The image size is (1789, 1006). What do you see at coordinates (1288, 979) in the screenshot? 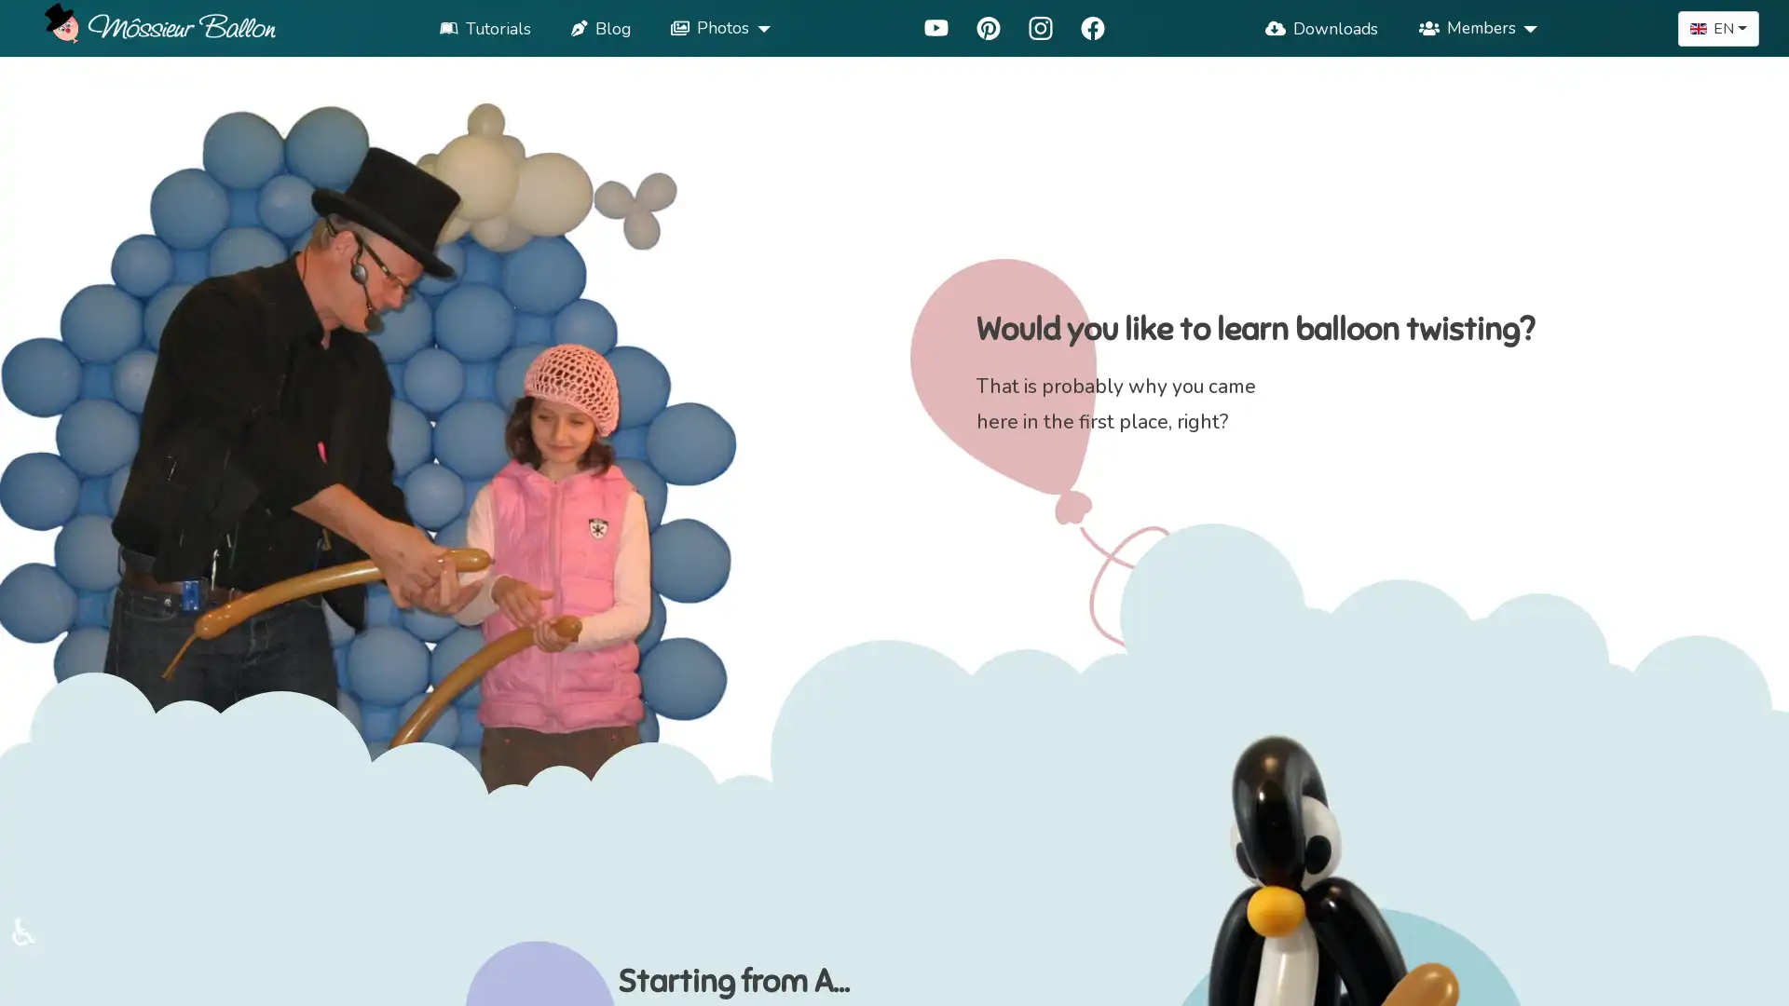
I see `Personalize (modal window)` at bounding box center [1288, 979].